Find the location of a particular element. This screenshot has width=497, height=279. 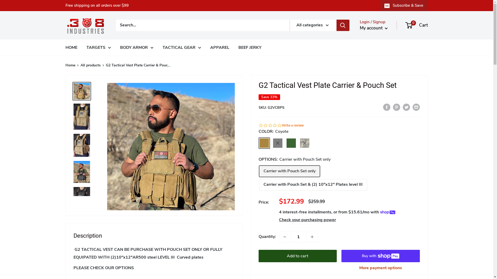

'HOME' is located at coordinates (71, 48).